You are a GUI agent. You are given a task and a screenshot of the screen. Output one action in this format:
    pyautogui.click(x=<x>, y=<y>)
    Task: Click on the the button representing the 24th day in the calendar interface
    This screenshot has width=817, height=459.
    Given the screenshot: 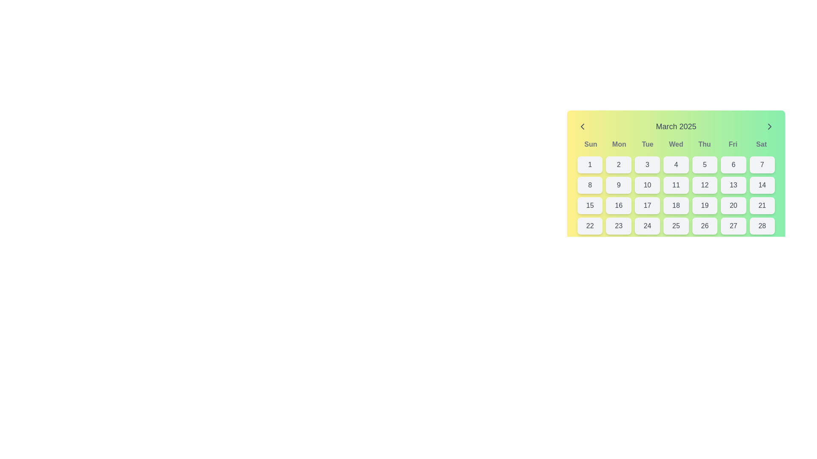 What is the action you would take?
    pyautogui.click(x=647, y=226)
    